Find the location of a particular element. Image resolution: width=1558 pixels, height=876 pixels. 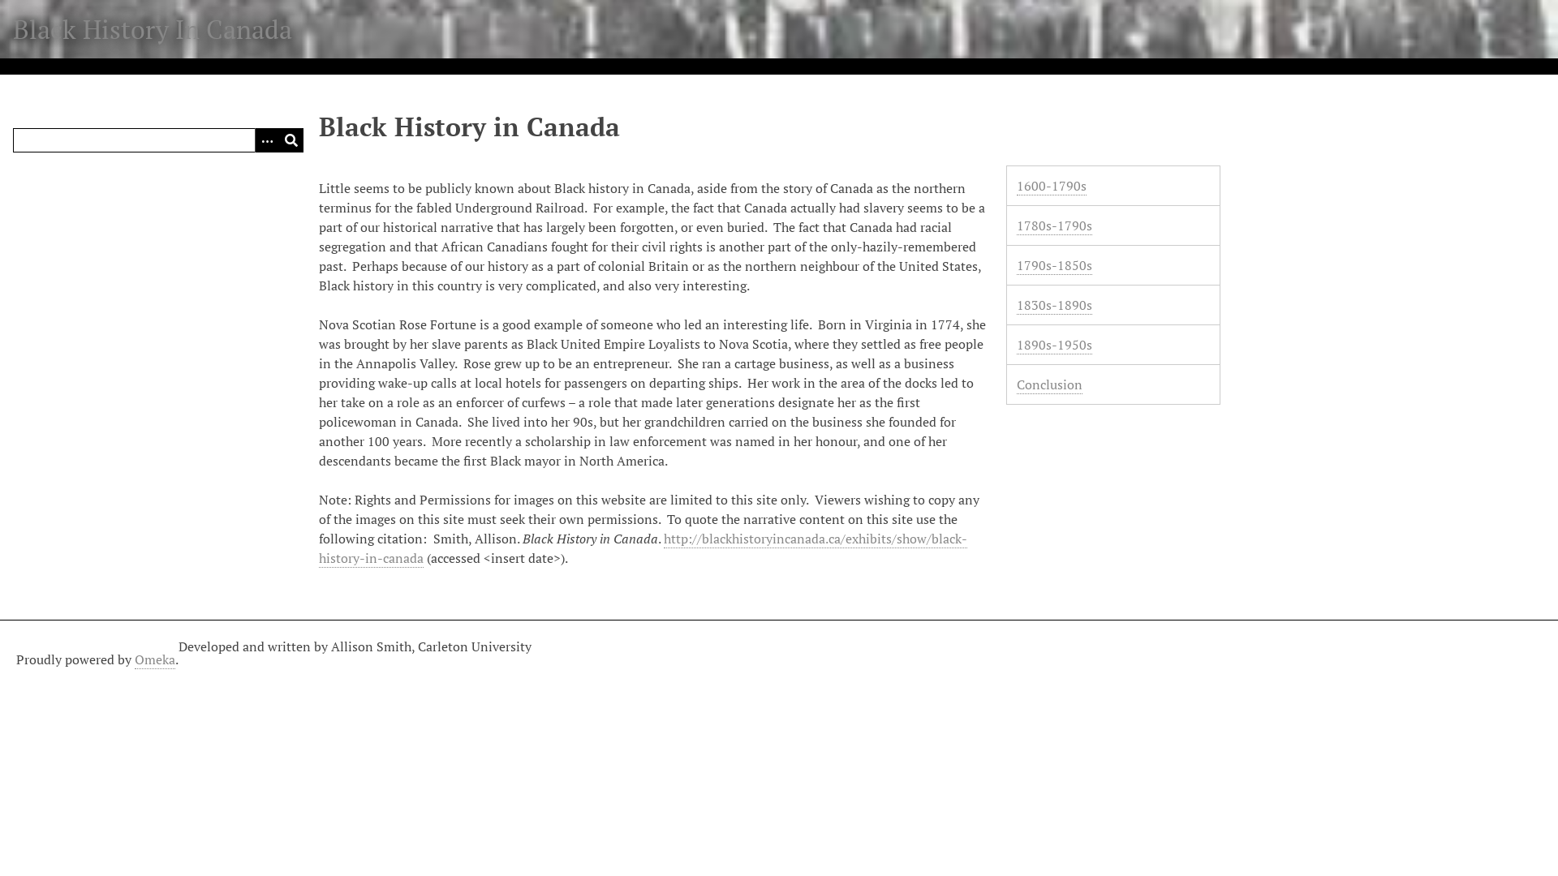

'1600-1790s' is located at coordinates (1052, 185).